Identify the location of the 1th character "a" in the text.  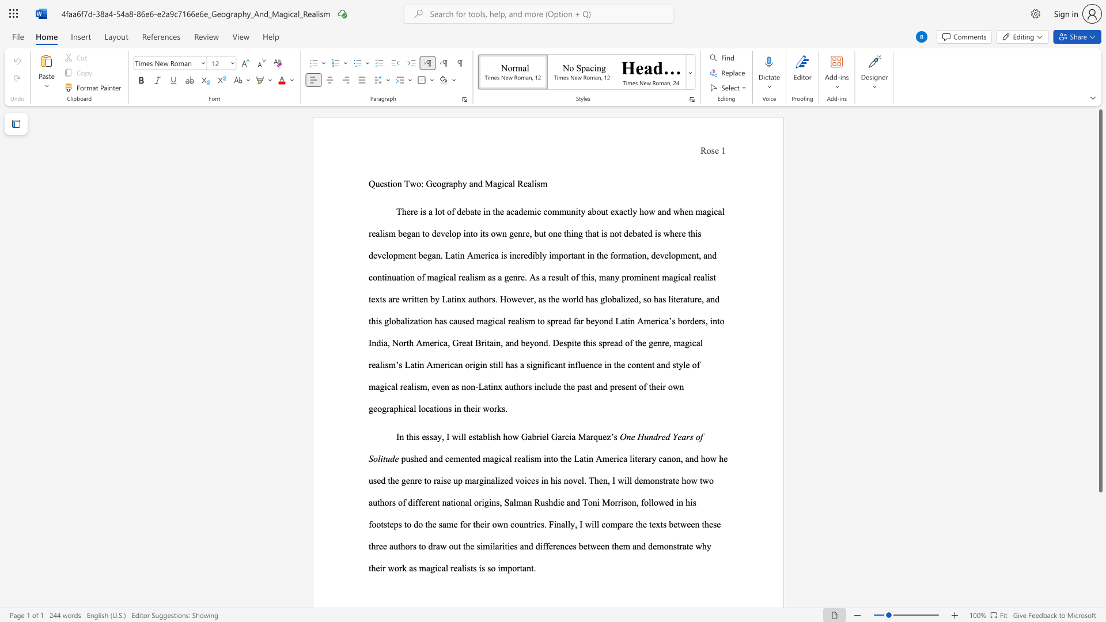
(556, 365).